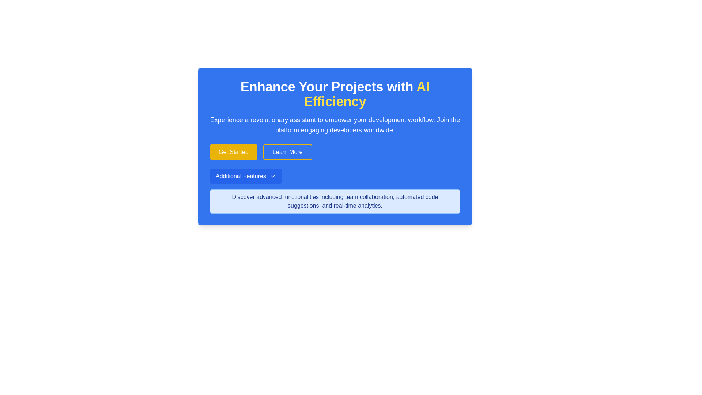 This screenshot has width=702, height=395. Describe the element at coordinates (272, 176) in the screenshot. I see `the chevron icon located to the immediate right of the 'Additional Features' text within the blue button` at that location.